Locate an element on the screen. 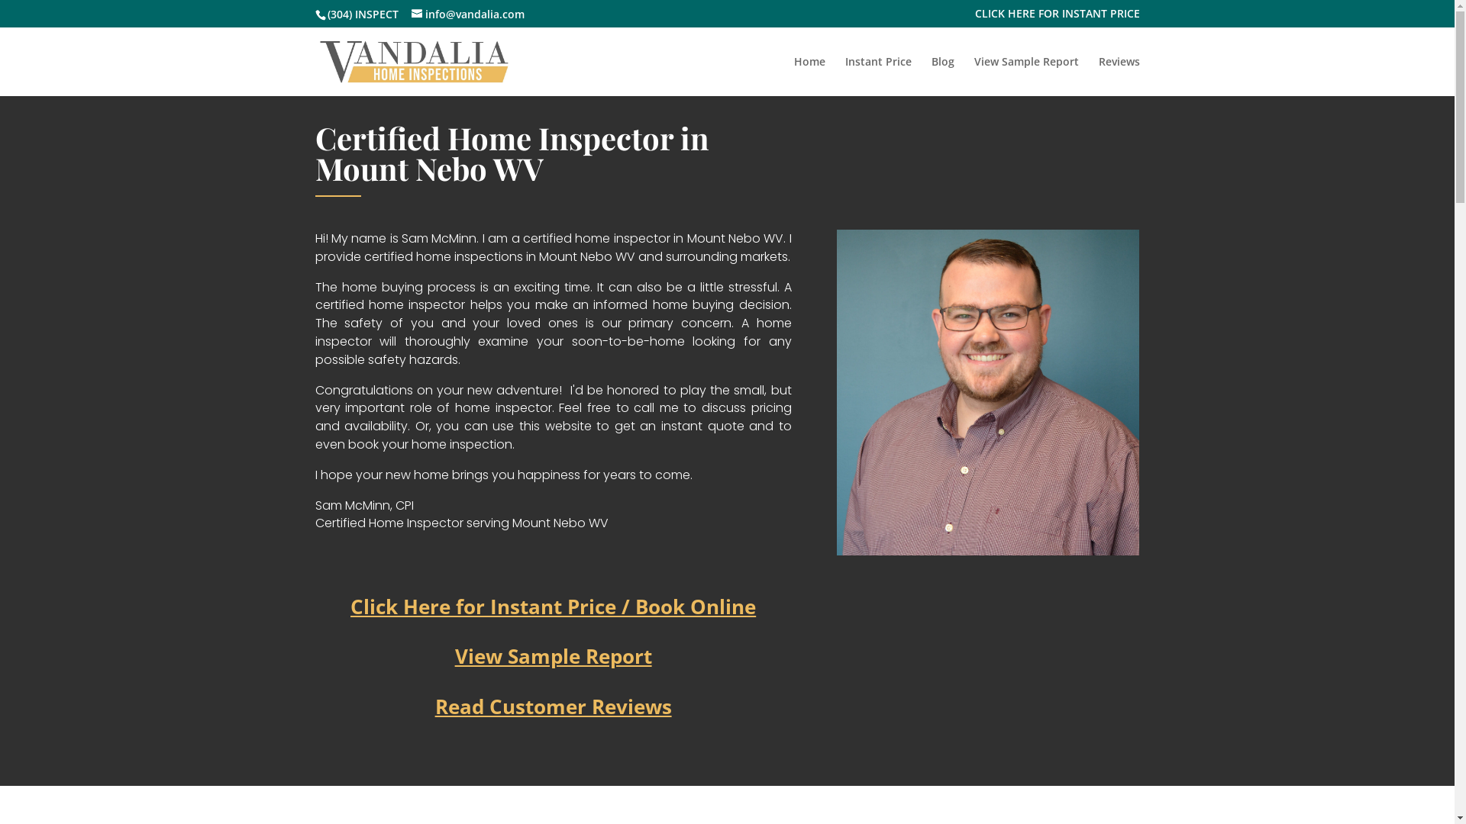 Image resolution: width=1466 pixels, height=824 pixels. 'Click Here for Instant Price / Book Online' is located at coordinates (552, 605).